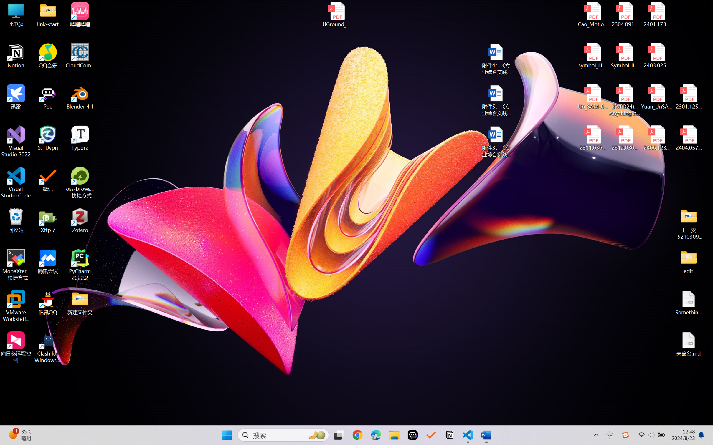  Describe the element at coordinates (688, 303) in the screenshot. I see `'Something.md'` at that location.